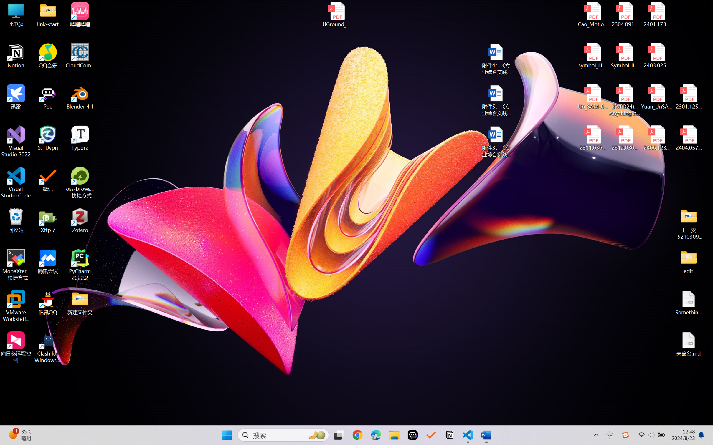  Describe the element at coordinates (688, 303) in the screenshot. I see `'Something.md'` at that location.